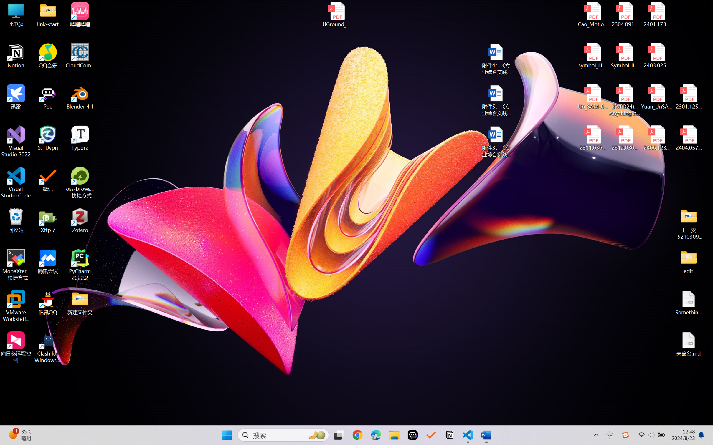  Describe the element at coordinates (688, 303) in the screenshot. I see `'Something.md'` at that location.